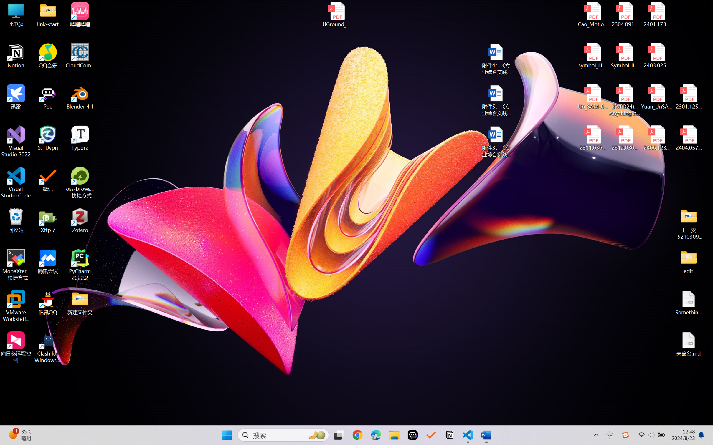  Describe the element at coordinates (688, 303) in the screenshot. I see `'Something.md'` at that location.